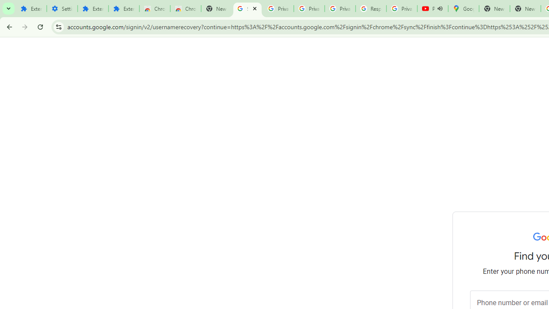 Image resolution: width=549 pixels, height=309 pixels. Describe the element at coordinates (463, 9) in the screenshot. I see `'Google Maps'` at that location.